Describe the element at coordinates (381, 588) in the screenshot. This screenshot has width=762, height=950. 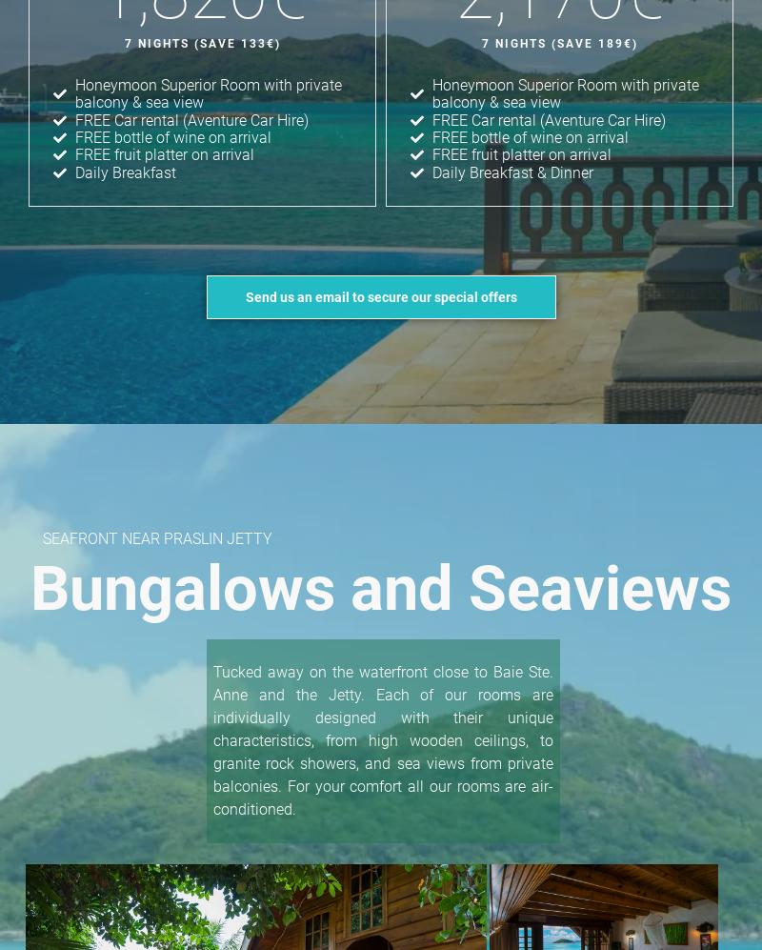
I see `'Bungalows and Seaviews'` at that location.